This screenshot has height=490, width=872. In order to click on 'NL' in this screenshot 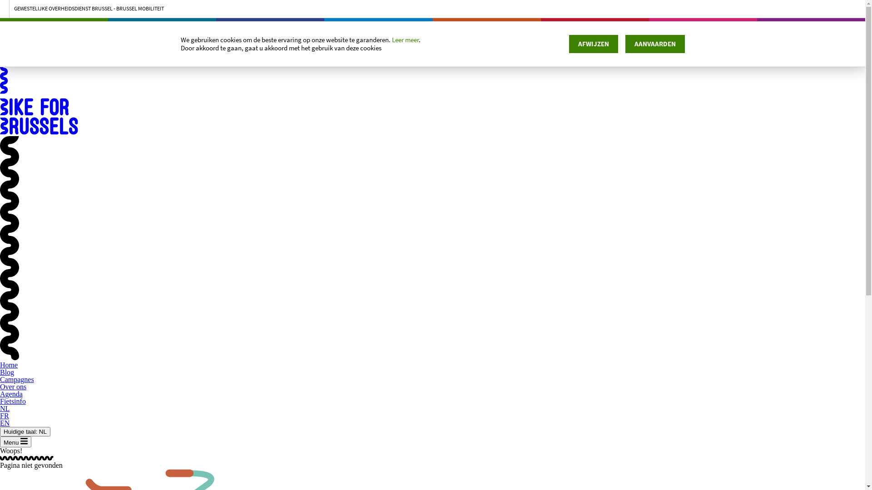, I will do `click(5, 408)`.